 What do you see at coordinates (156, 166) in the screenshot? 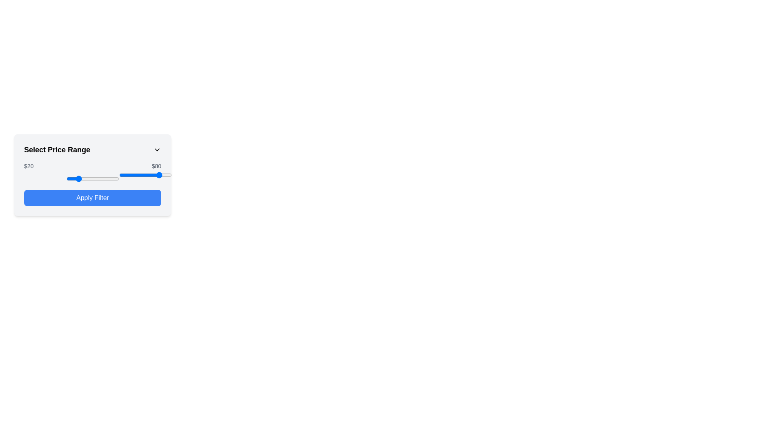
I see `the text label displaying the value '$80', which is styled in a standard serif font and located on the right side of a horizontal range slider, indicating the maximum value` at bounding box center [156, 166].